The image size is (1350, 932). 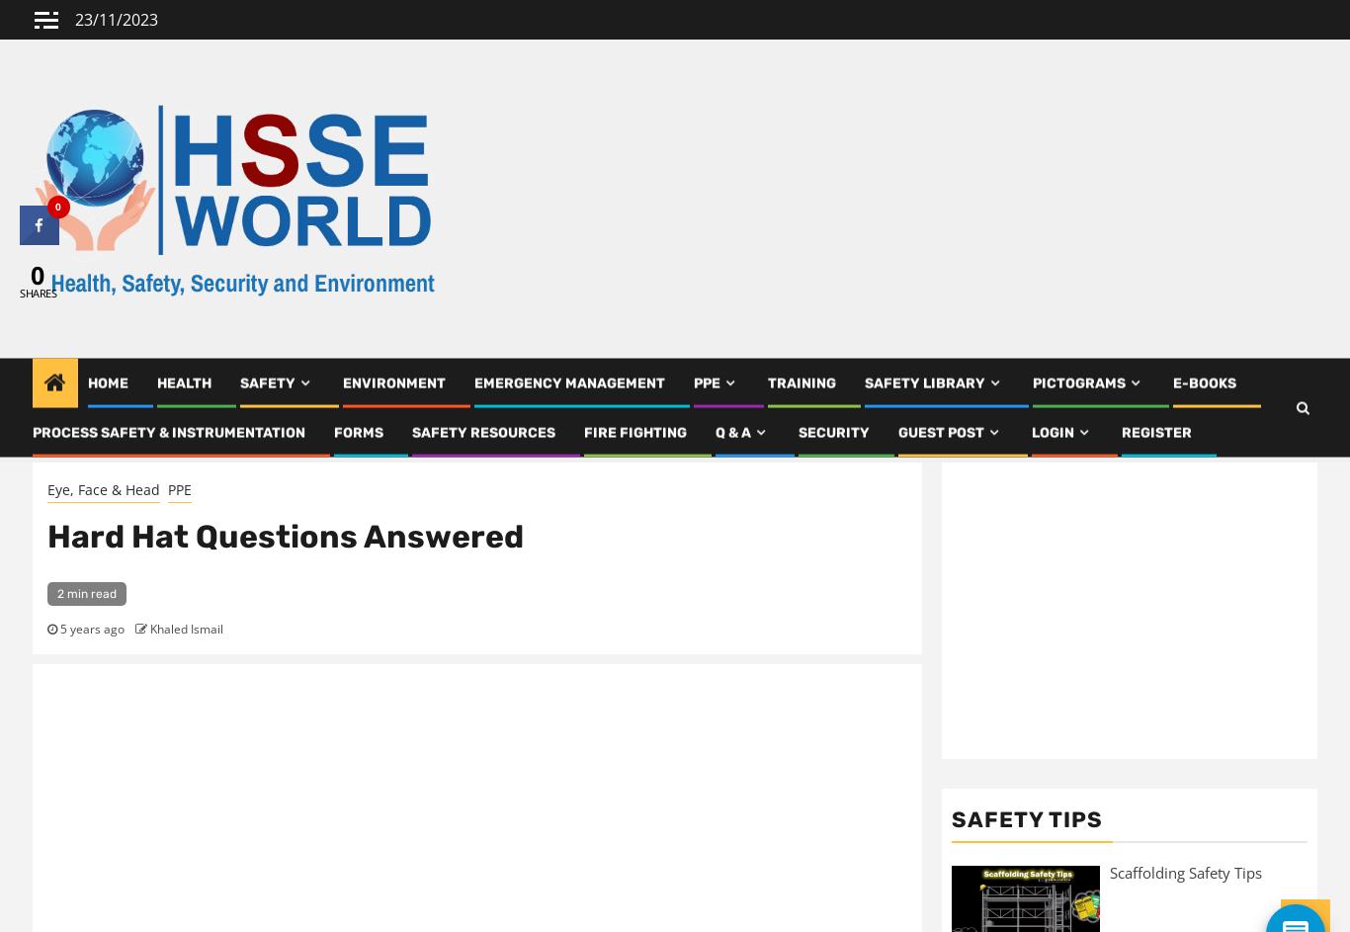 I want to click on 'Training', so click(x=767, y=389).